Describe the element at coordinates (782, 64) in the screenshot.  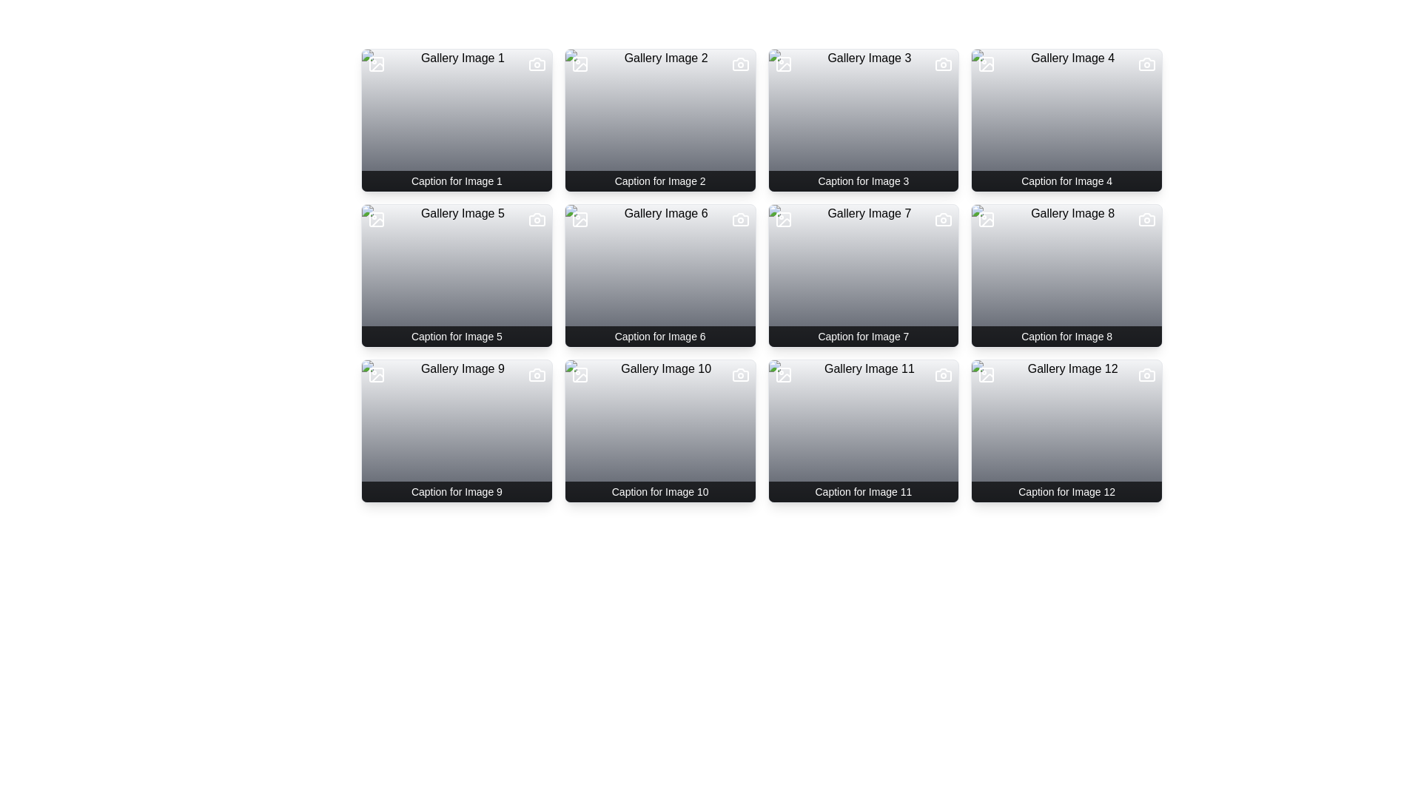
I see `the small rectangle with rounded corners that is part of the icon in the top-left corner of the card labeled 'Gallery Image 3' located in the second row, third column of a 4x3 grid` at that location.